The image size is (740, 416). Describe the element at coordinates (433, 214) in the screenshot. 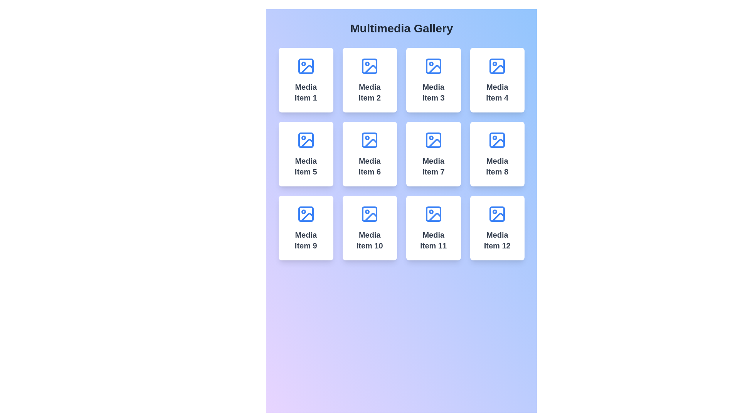

I see `the blue geometric icon representing an image frame with a circle and diagonal line, located at the upper central part of the 'Media Item 11' card in the 4x3 grid layout` at that location.